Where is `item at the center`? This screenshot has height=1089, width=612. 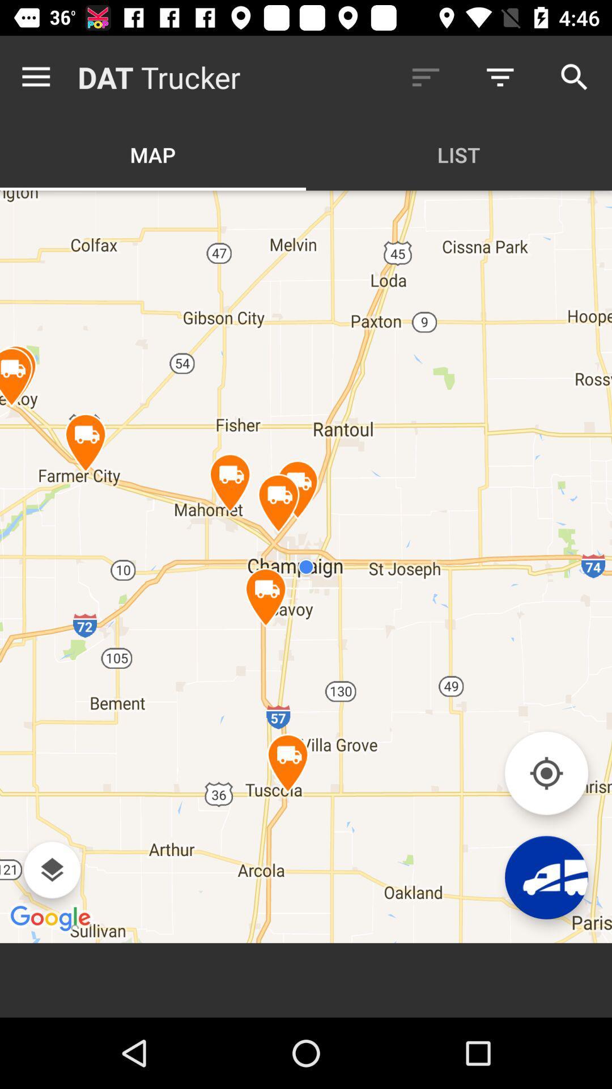 item at the center is located at coordinates (306, 567).